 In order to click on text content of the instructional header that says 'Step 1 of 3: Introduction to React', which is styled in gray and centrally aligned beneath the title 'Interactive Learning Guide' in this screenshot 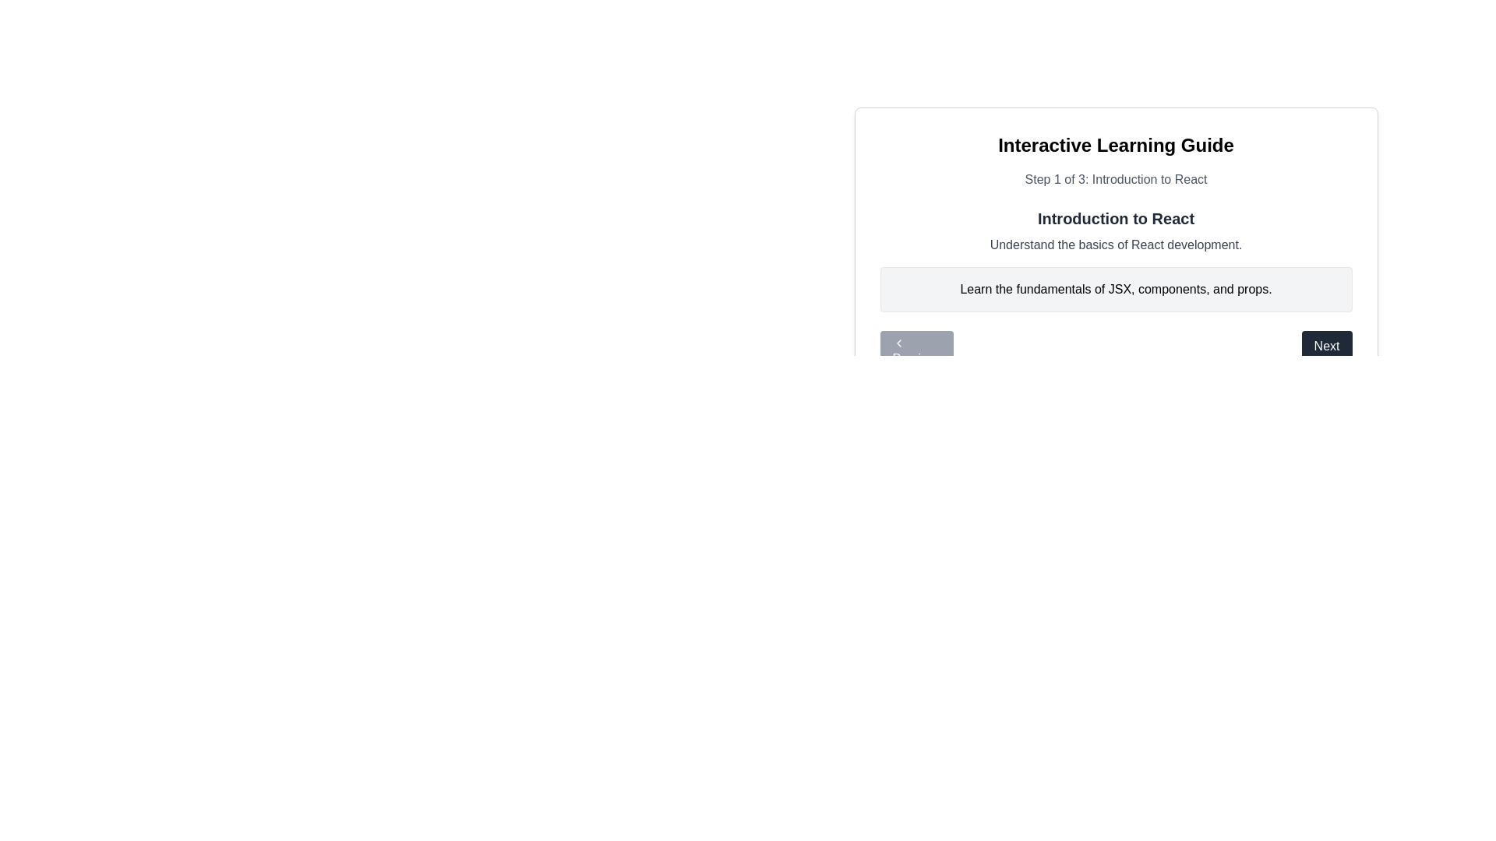, I will do `click(1115, 179)`.